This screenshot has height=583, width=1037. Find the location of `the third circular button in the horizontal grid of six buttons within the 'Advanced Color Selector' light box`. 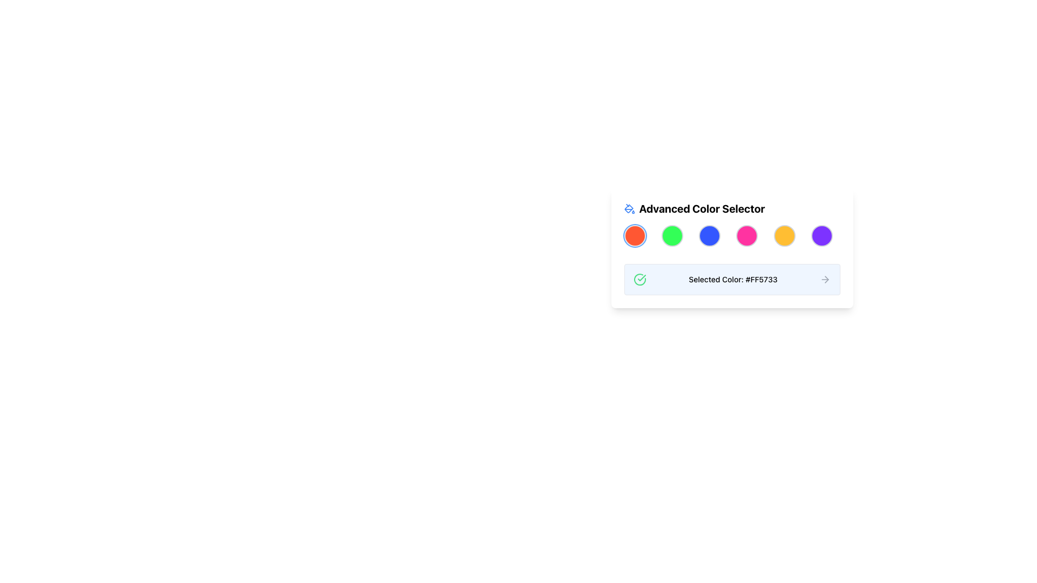

the third circular button in the horizontal grid of six buttons within the 'Advanced Color Selector' light box is located at coordinates (710, 235).